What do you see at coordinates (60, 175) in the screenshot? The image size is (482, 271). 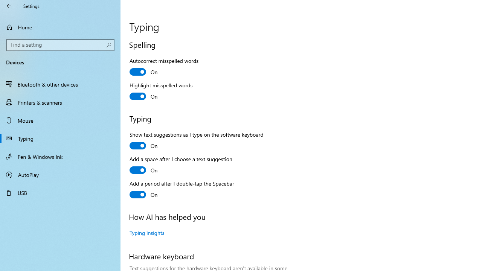 I see `'AutoPlay'` at bounding box center [60, 175].